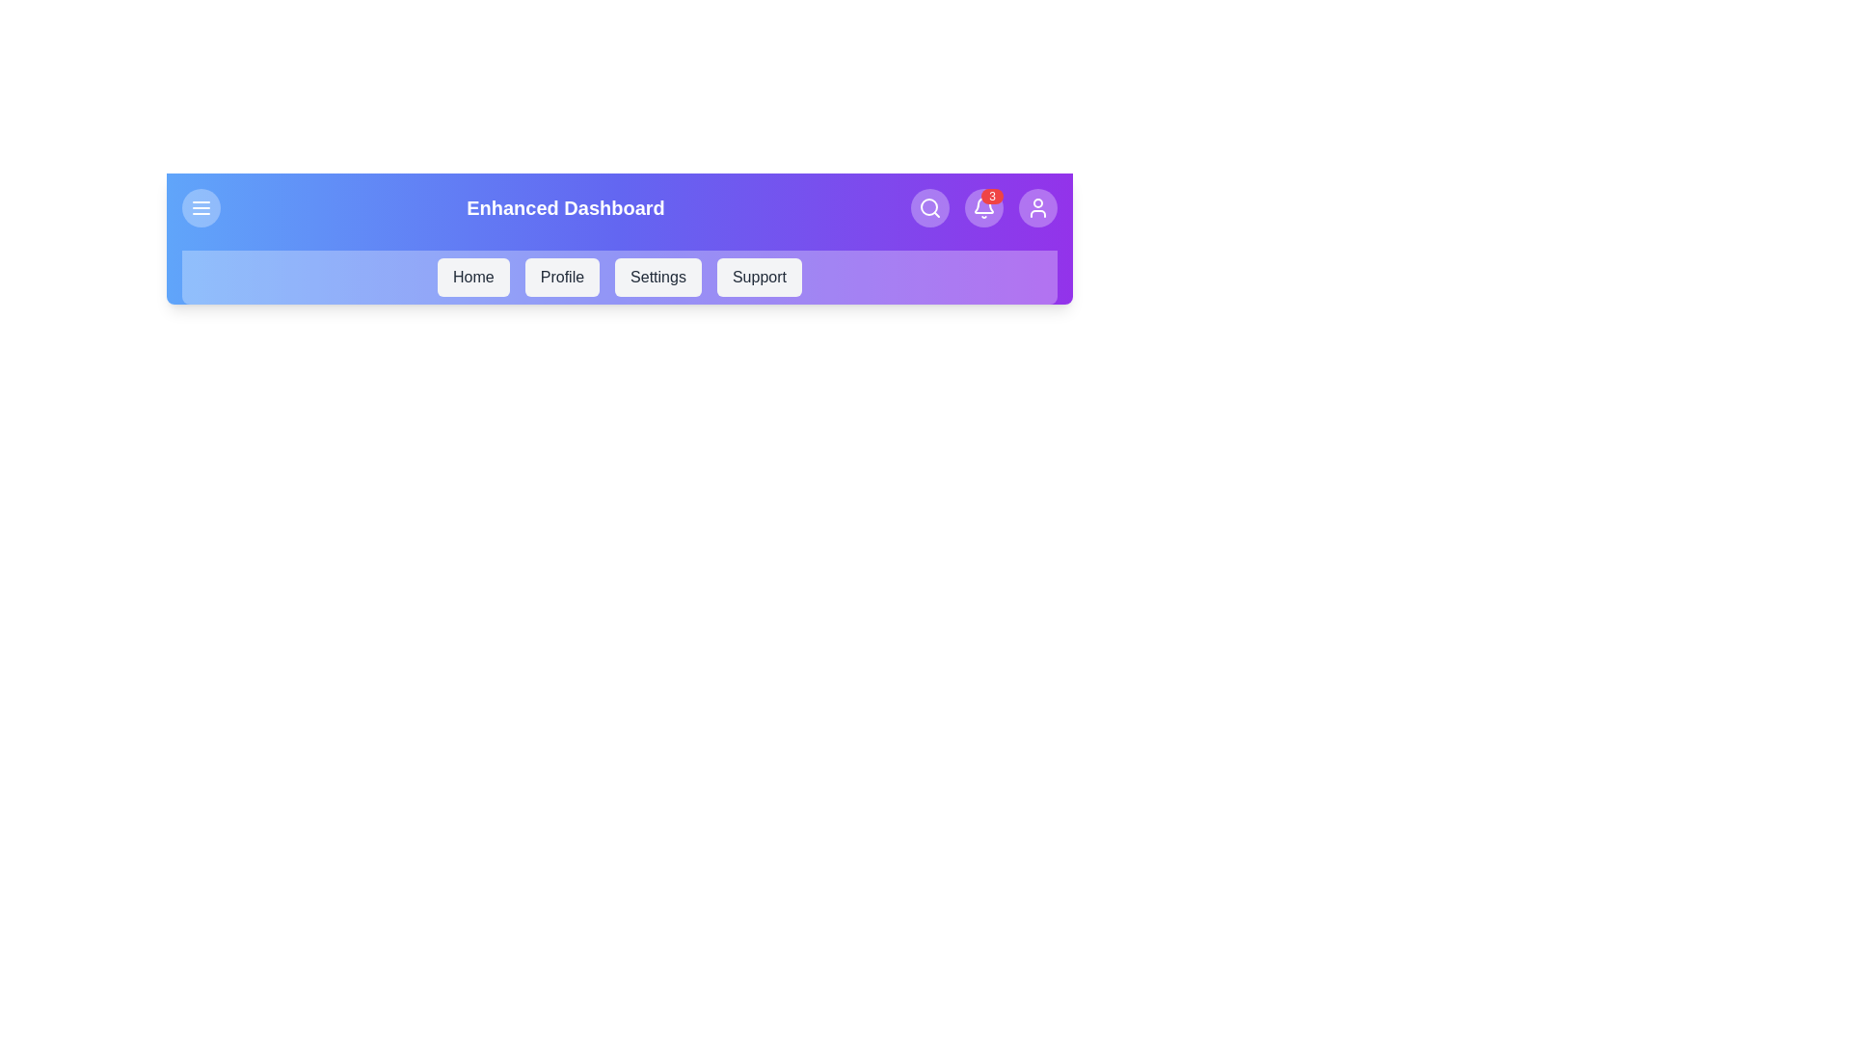  What do you see at coordinates (201, 208) in the screenshot?
I see `menu toggle button to toggle the menu visibility` at bounding box center [201, 208].